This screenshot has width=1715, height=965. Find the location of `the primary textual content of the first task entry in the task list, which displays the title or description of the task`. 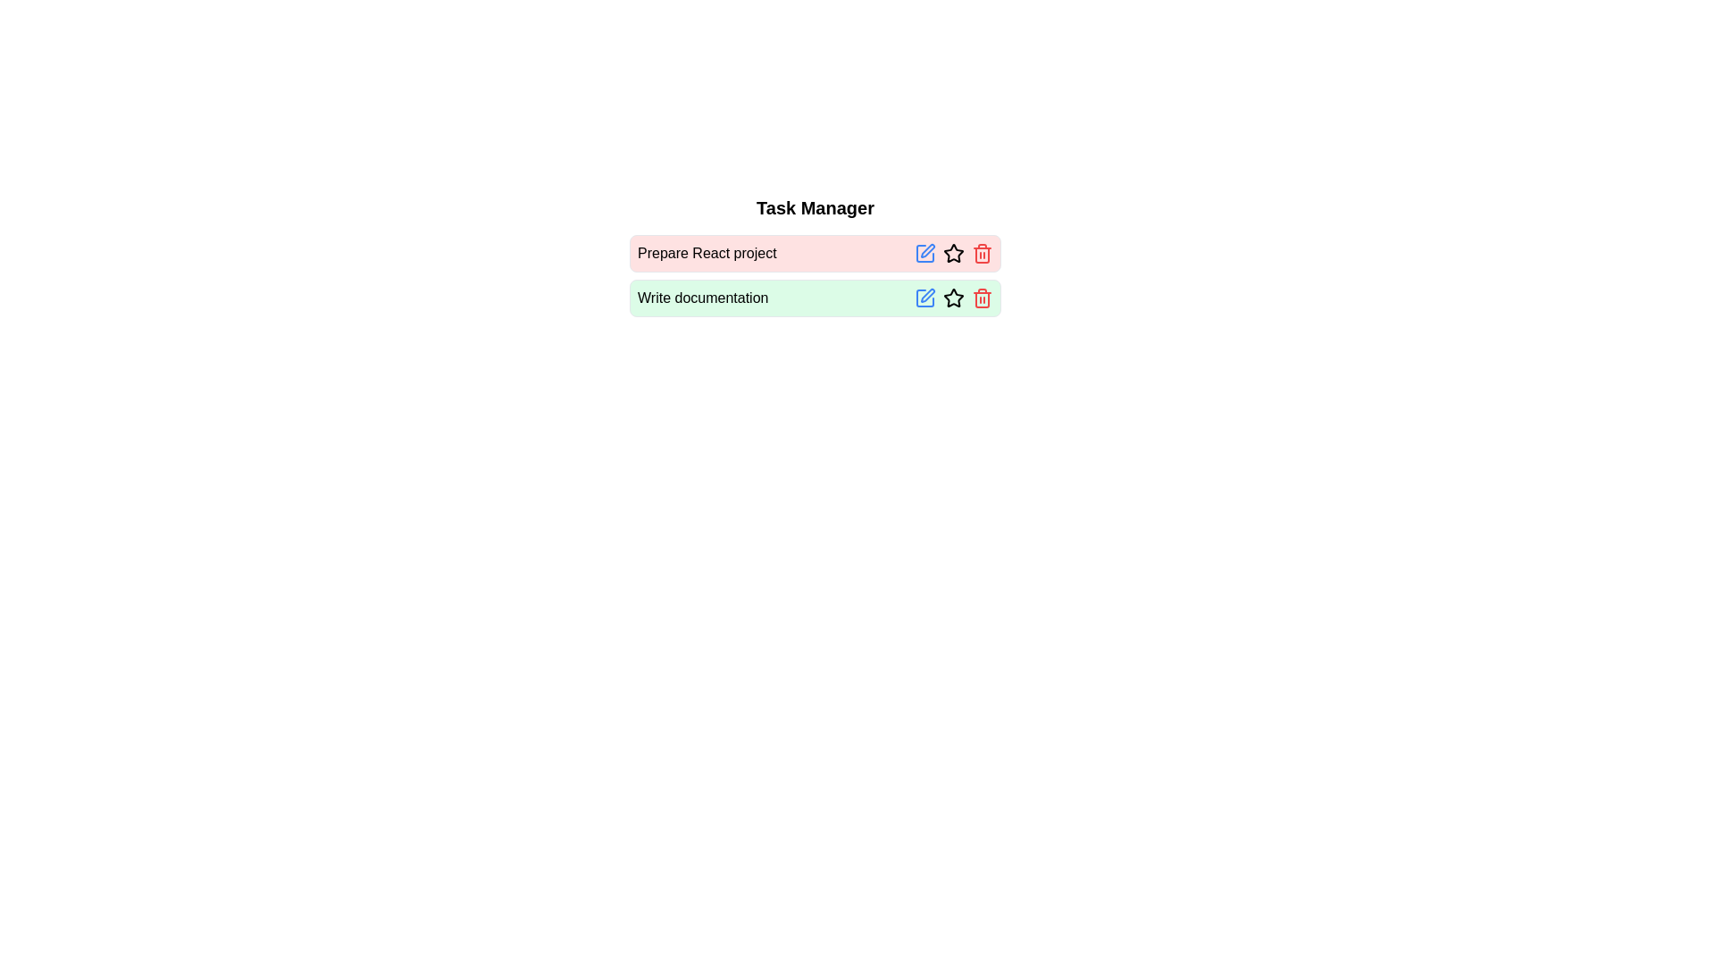

the primary textual content of the first task entry in the task list, which displays the title or description of the task is located at coordinates (706, 254).